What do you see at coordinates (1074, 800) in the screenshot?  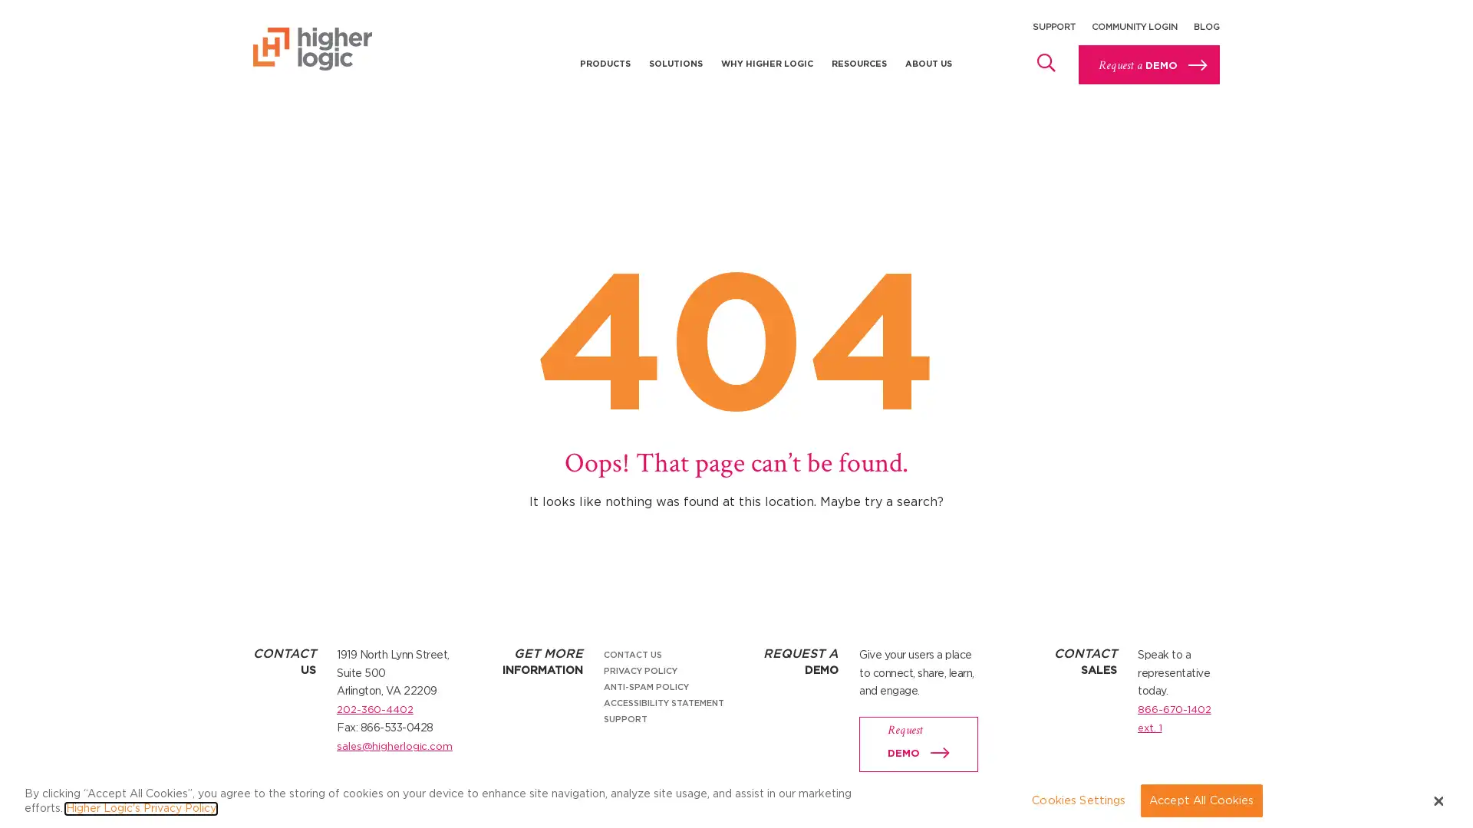 I see `Cookies Settings` at bounding box center [1074, 800].